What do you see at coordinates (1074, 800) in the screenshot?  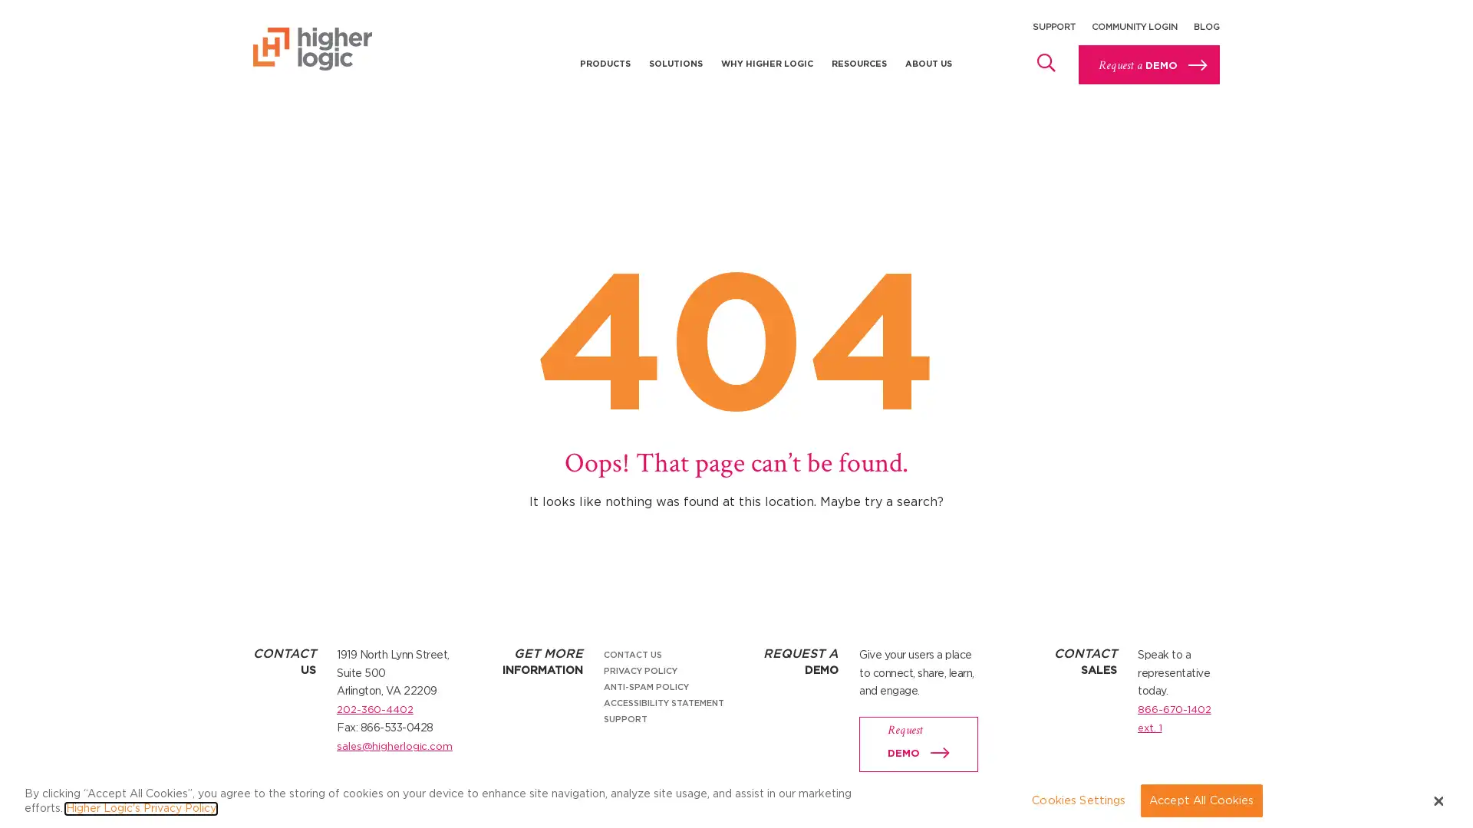 I see `Cookies Settings` at bounding box center [1074, 800].